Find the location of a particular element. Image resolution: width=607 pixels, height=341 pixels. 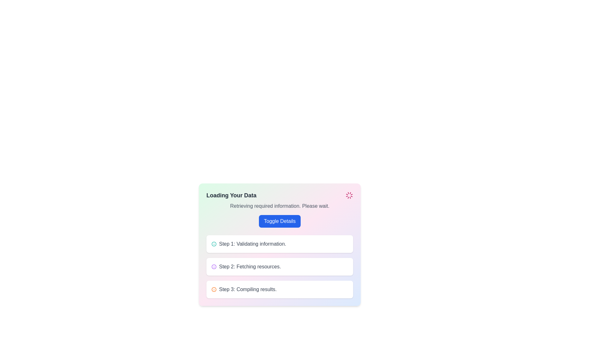

the blue button with rounded corners labeled 'Toggle Details' located in the center of the colorful gradient box, positioned below the text 'Retrieving required information. Please wait.' and above the step descriptions is located at coordinates (279, 221).